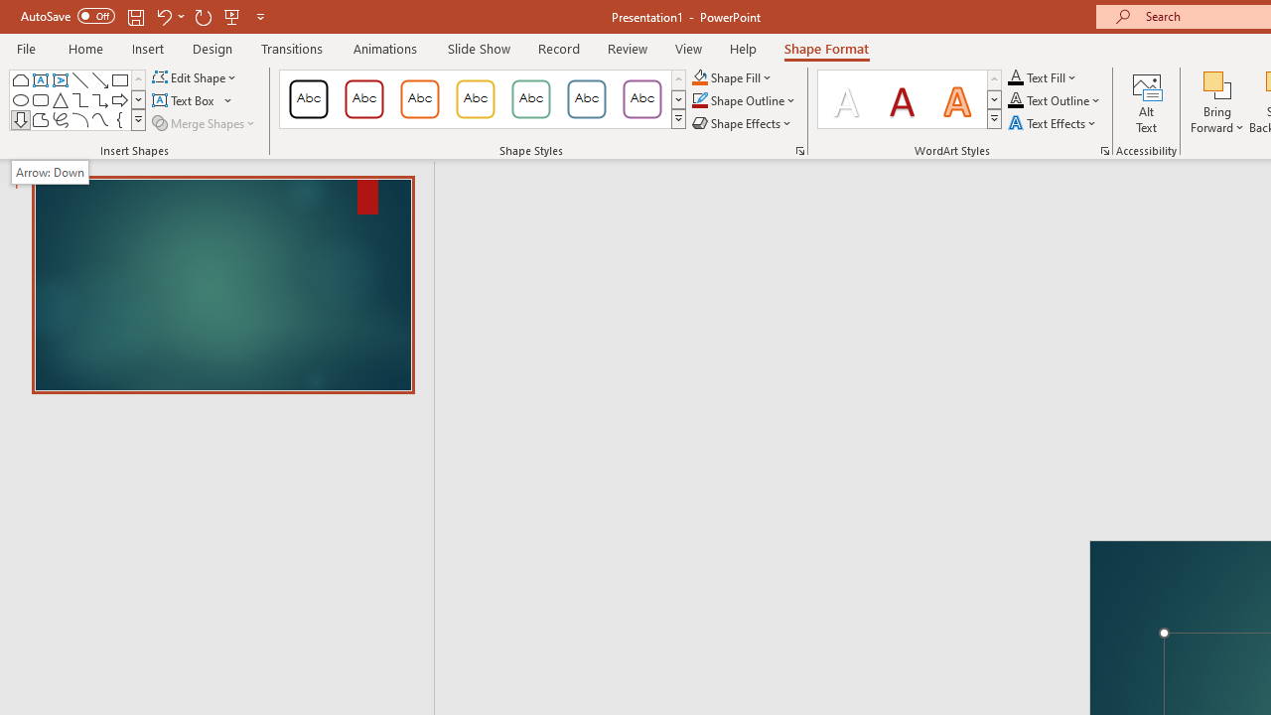  What do you see at coordinates (21, 99) in the screenshot?
I see `'Oval'` at bounding box center [21, 99].